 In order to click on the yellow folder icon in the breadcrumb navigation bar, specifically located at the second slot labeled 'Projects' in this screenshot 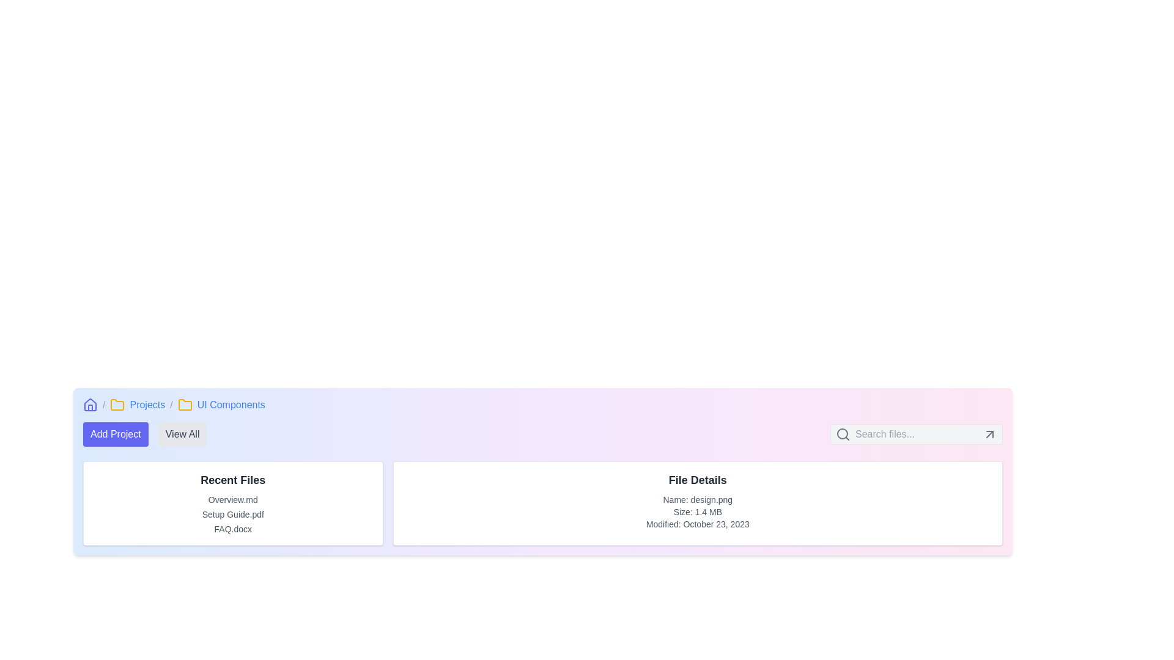, I will do `click(184, 405)`.